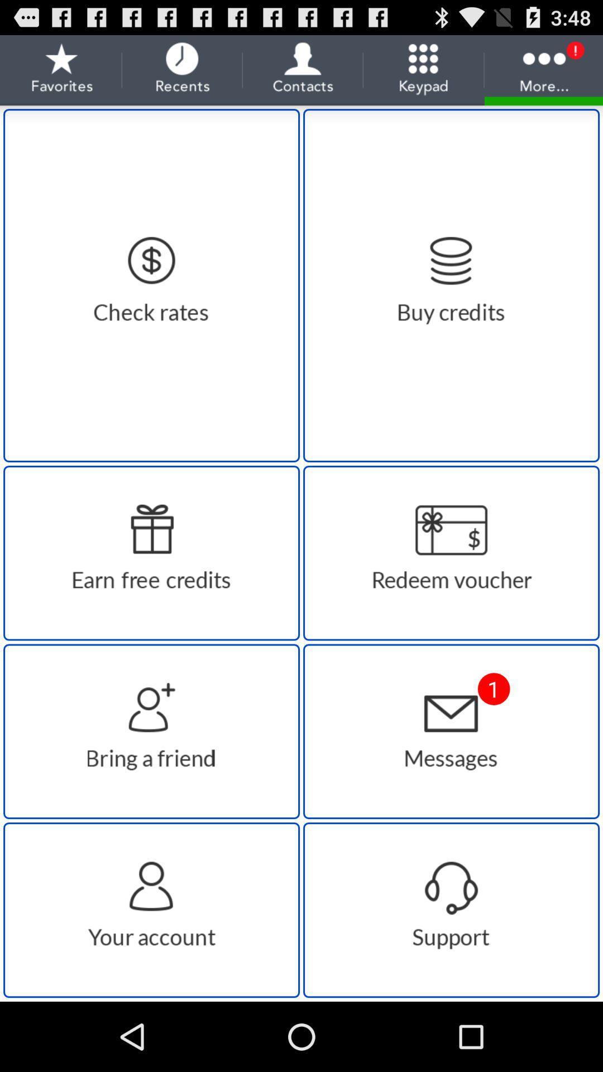  Describe the element at coordinates (151, 910) in the screenshot. I see `show account information` at that location.